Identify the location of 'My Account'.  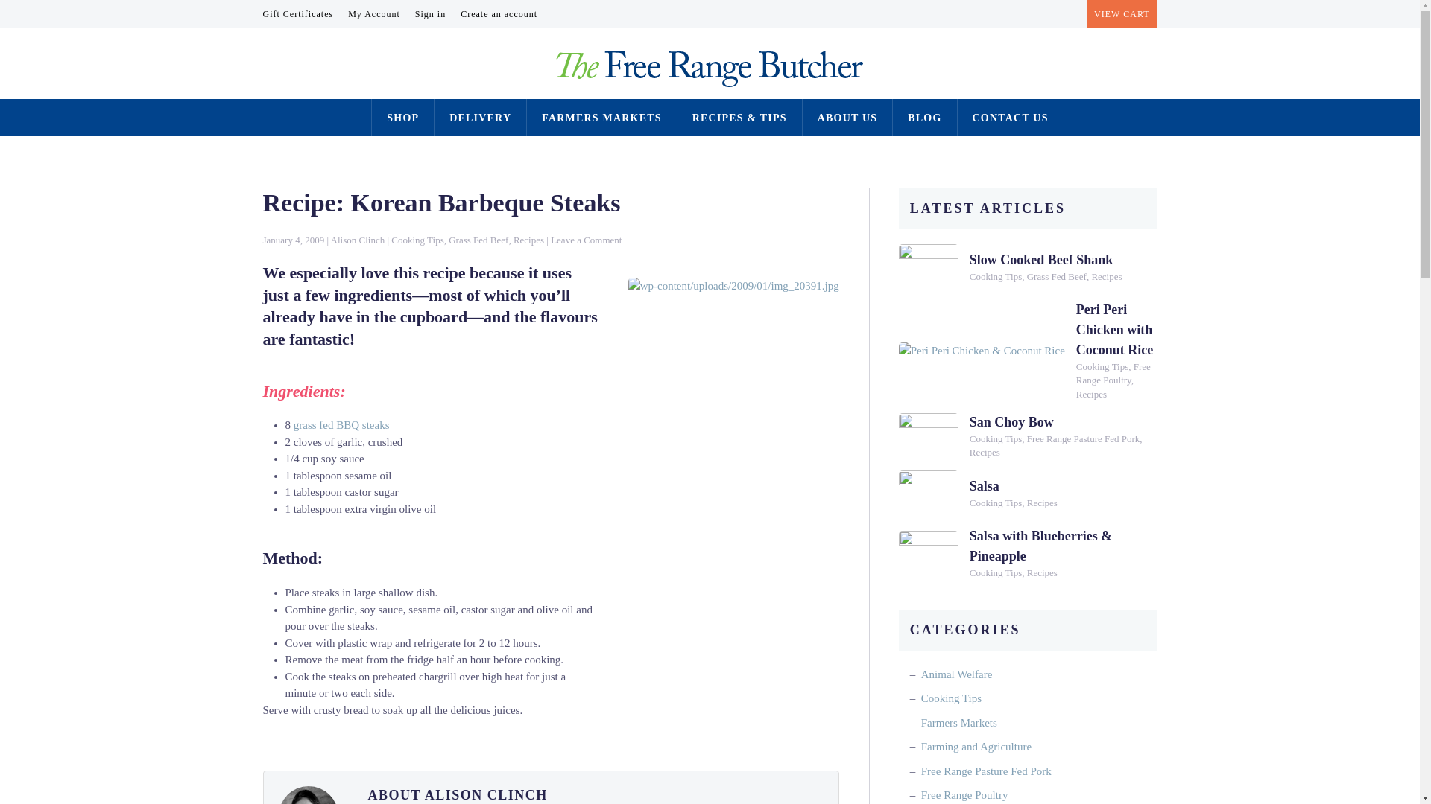
(374, 14).